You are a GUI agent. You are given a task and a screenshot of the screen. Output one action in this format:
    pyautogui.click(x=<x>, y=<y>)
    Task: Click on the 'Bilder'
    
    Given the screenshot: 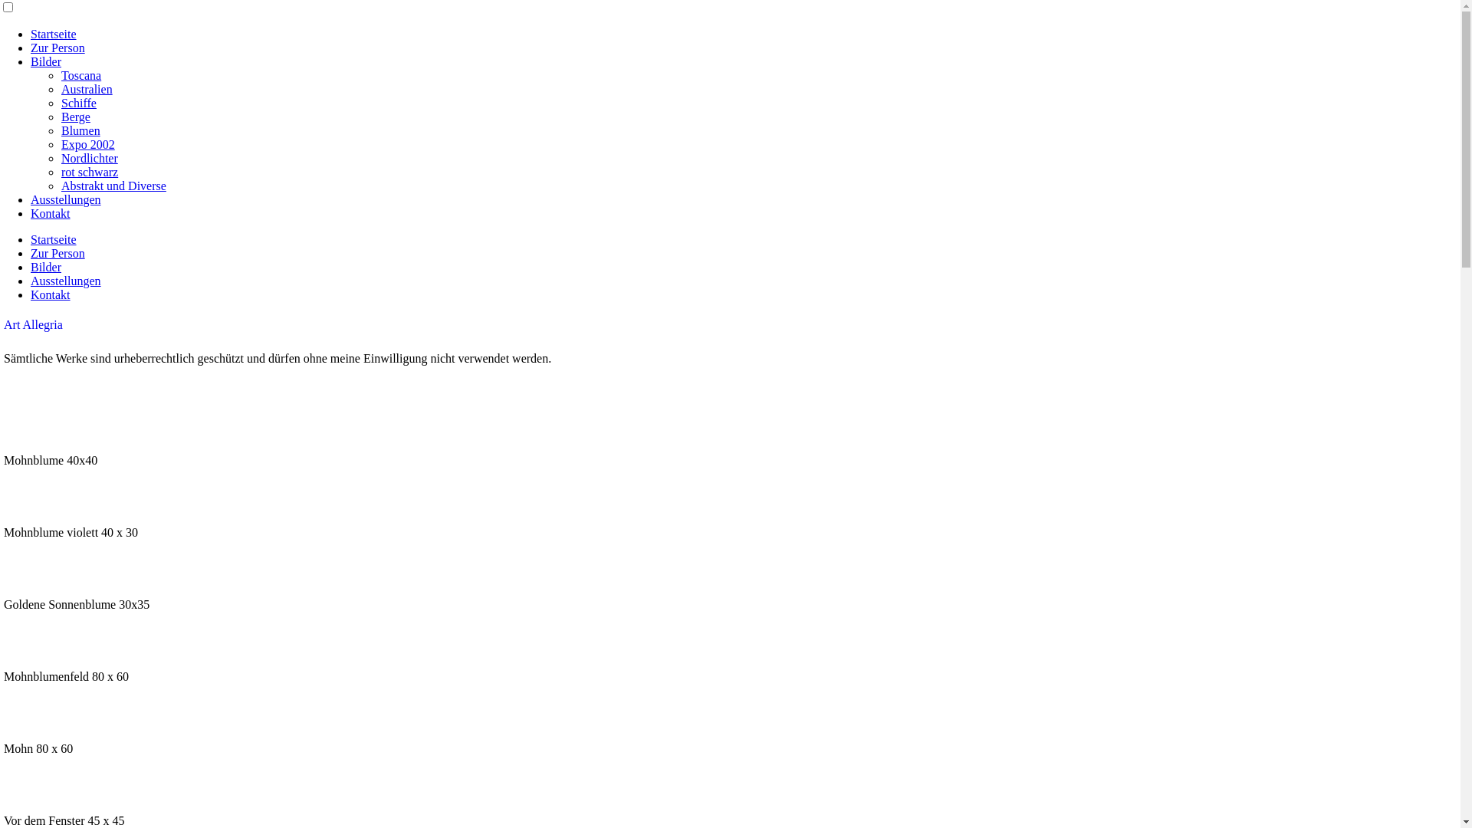 What is the action you would take?
    pyautogui.click(x=45, y=61)
    